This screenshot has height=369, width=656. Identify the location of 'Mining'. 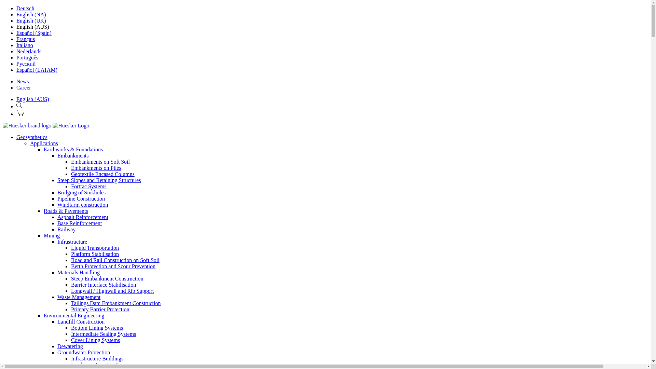
(51, 235).